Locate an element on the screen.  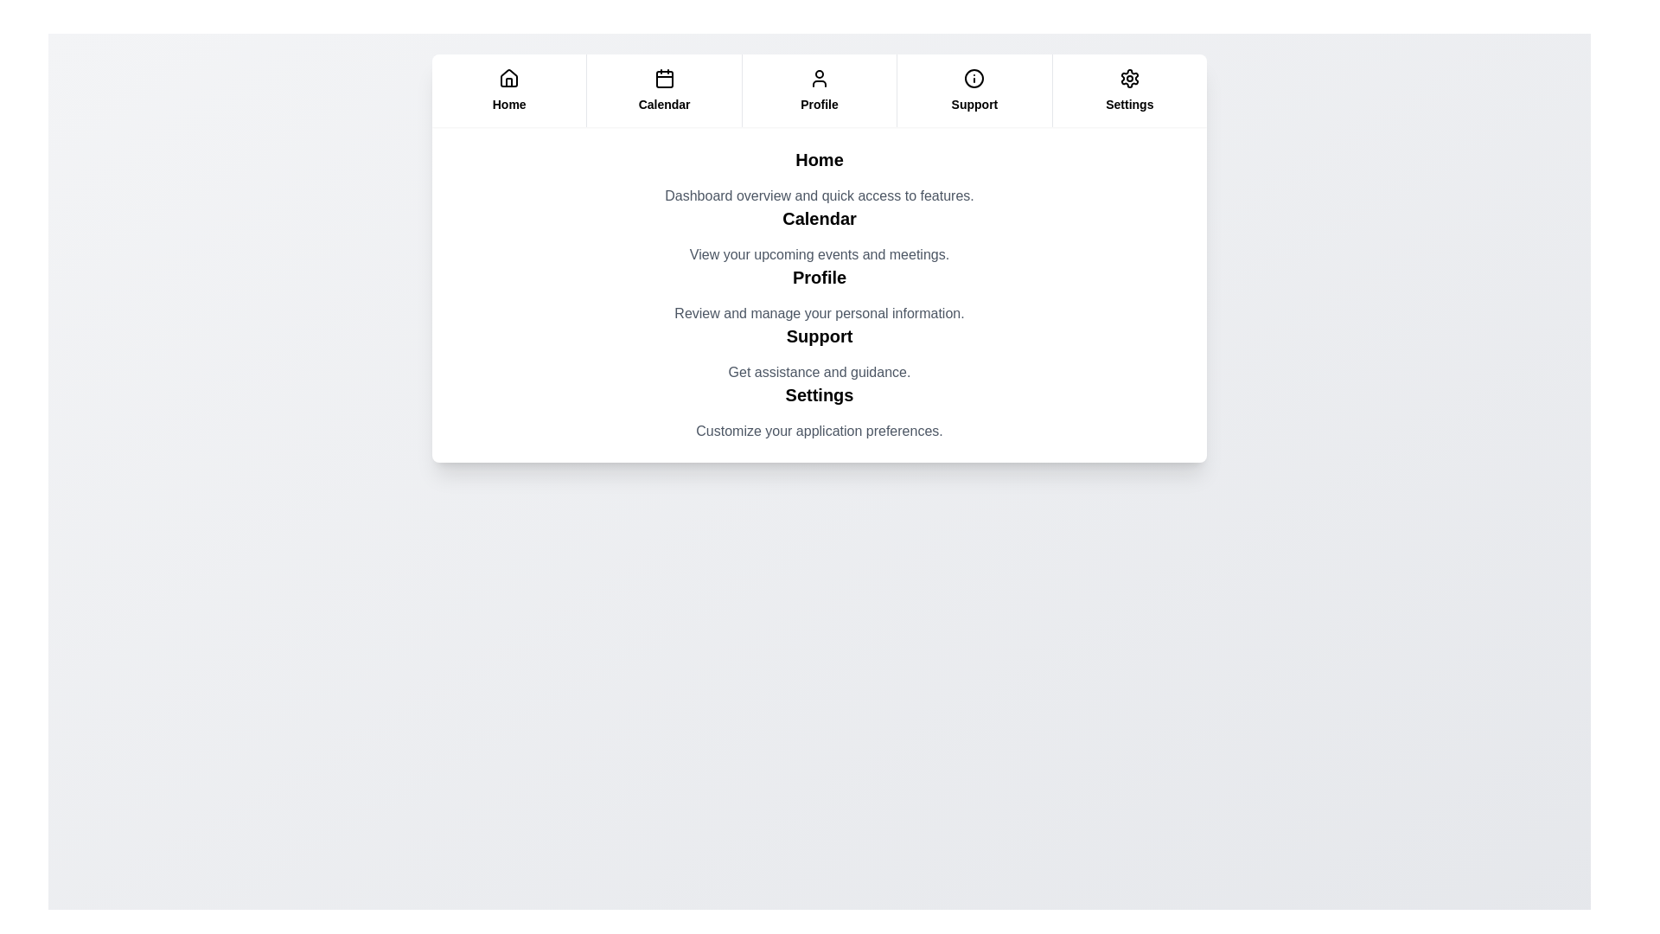
the 'Support' text label in the navigation menu, which is displayed in bold and small font below the information icon is located at coordinates (974, 104).